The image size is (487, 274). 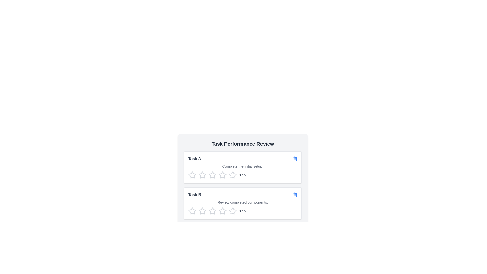 What do you see at coordinates (194, 158) in the screenshot?
I see `the text label reading 'Task A' in bold and dark color, located in the top left corner of the 'Task Performance Review' section` at bounding box center [194, 158].